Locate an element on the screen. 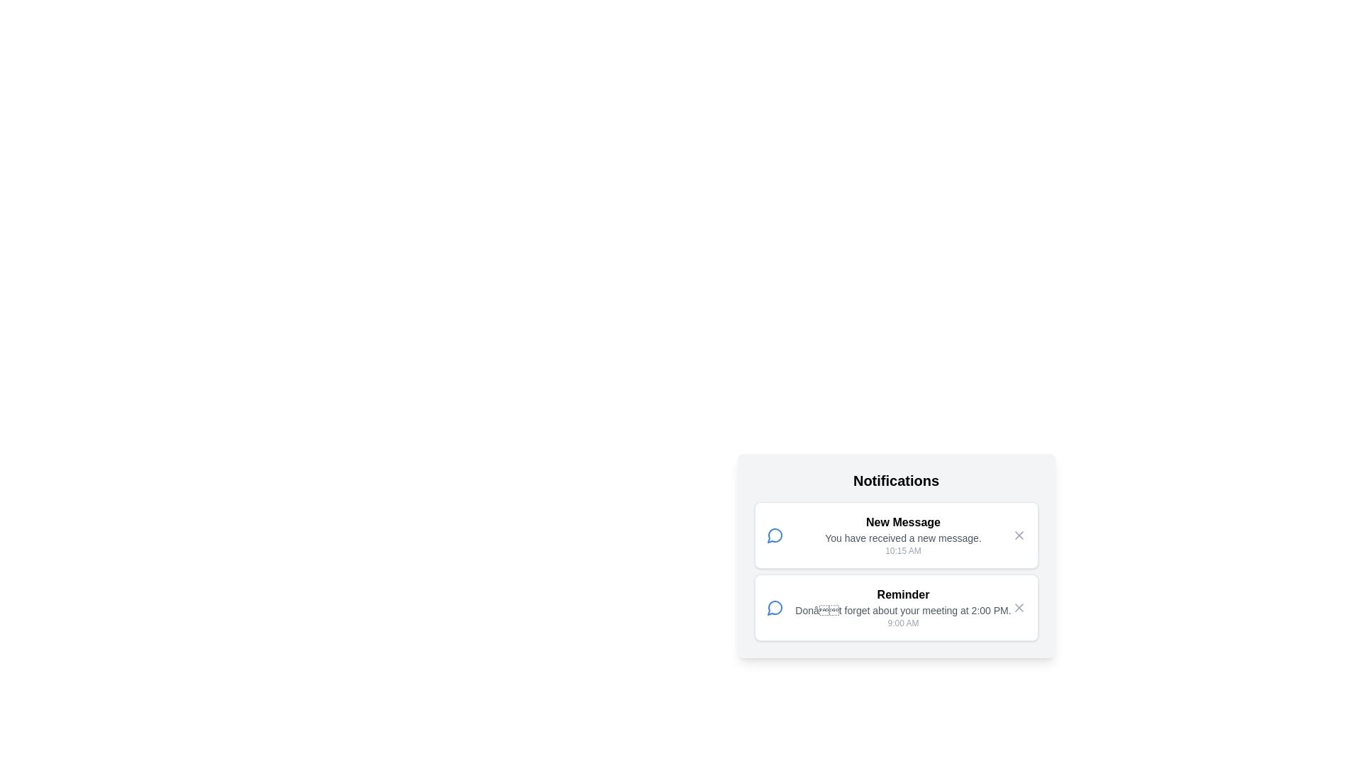 The height and width of the screenshot is (766, 1362). the notification titled 'Reminder' is located at coordinates (895, 606).